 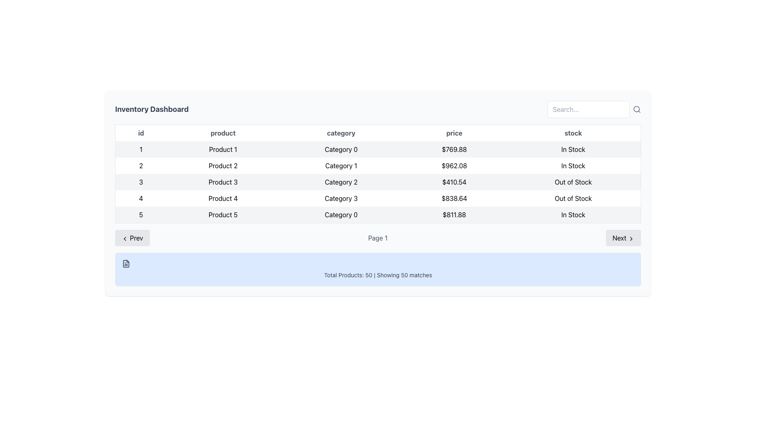 I want to click on the price text element displaying $769.88, located in the first row of the table, between 'Category 0' and 'In Stock', so click(x=454, y=149).